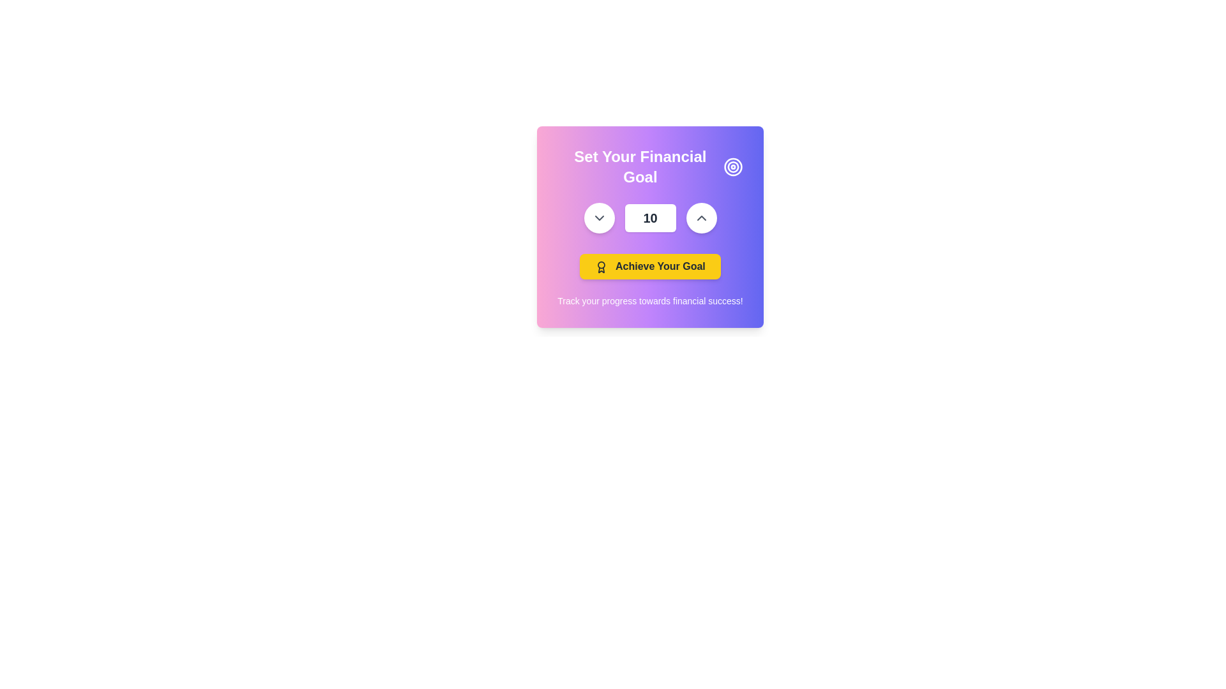  I want to click on the chevron down icon button located inside a circular button on the left side of the goal selection interface, so click(598, 218).